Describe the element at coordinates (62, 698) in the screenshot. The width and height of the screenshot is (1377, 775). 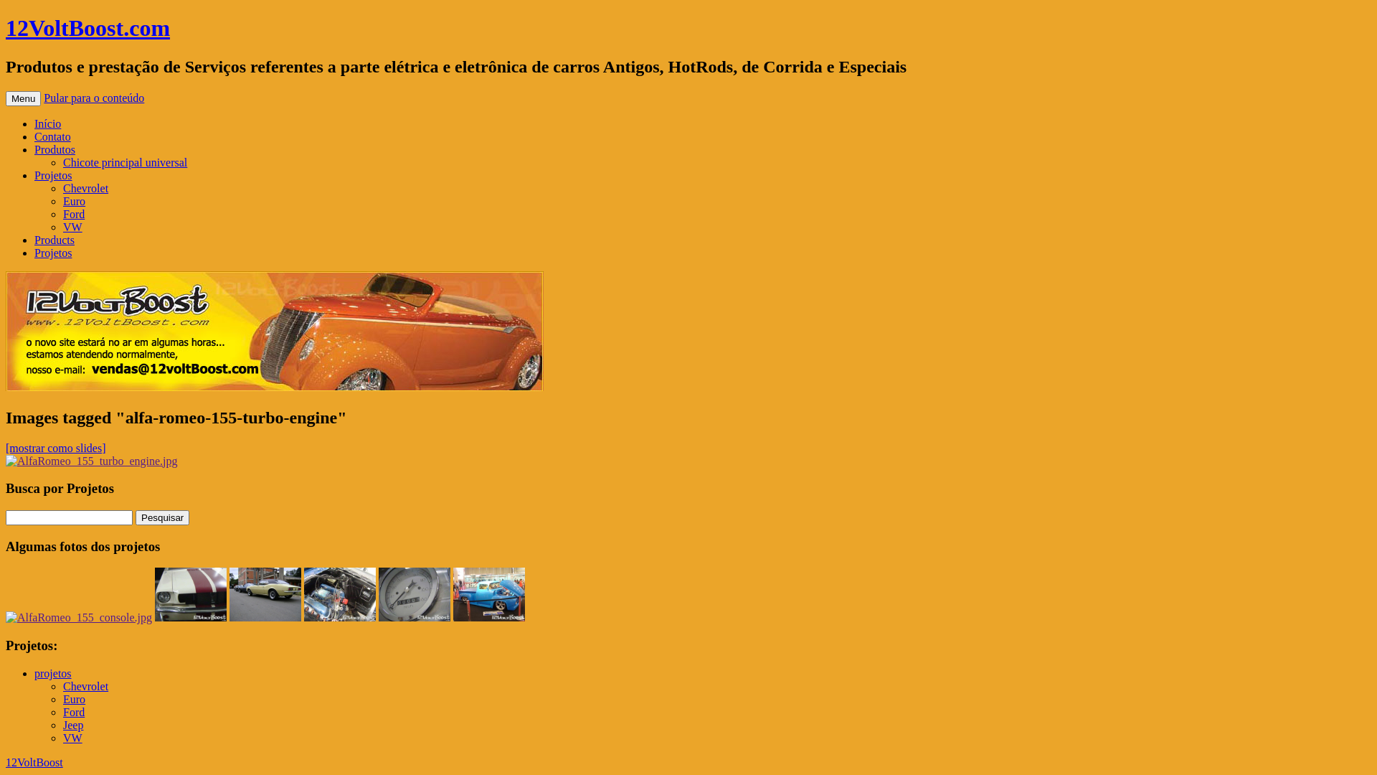
I see `'Euro'` at that location.